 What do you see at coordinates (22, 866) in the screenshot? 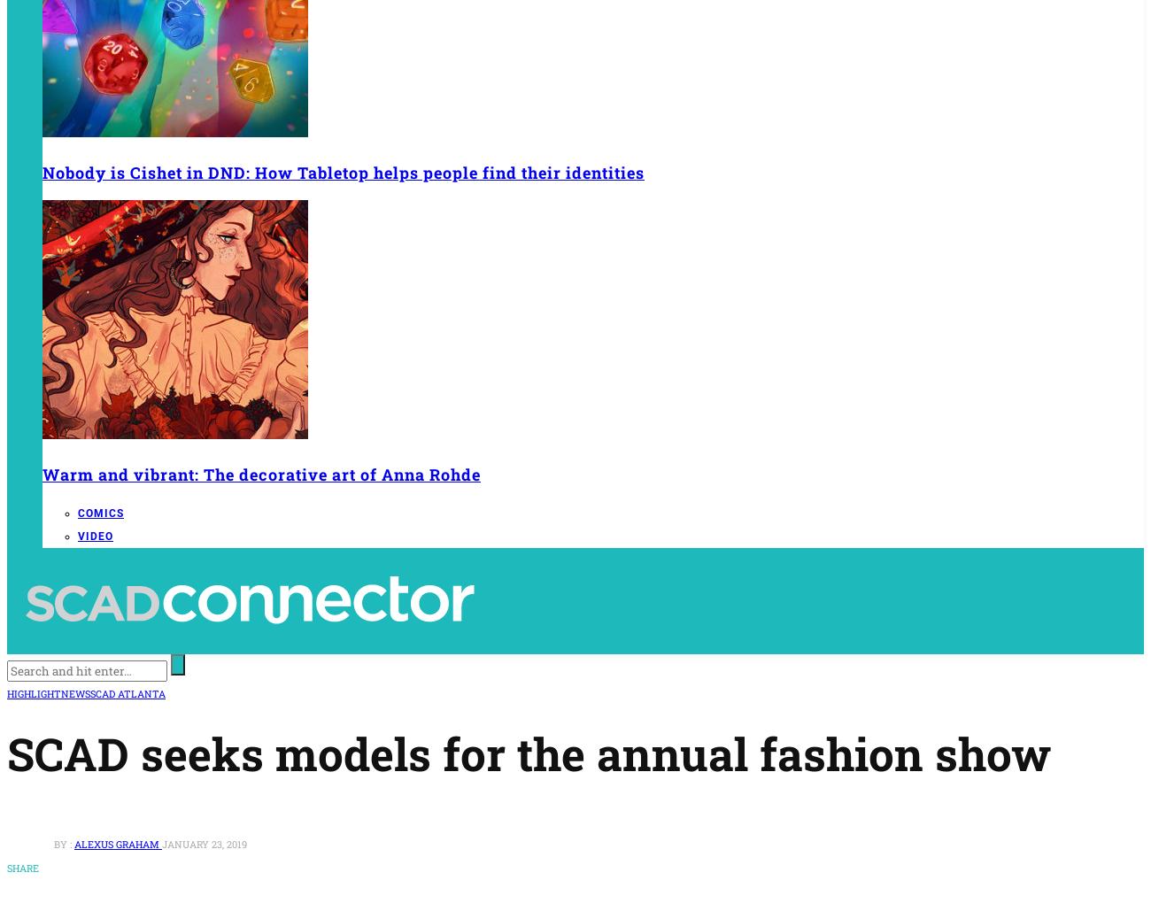
I see `'share'` at bounding box center [22, 866].